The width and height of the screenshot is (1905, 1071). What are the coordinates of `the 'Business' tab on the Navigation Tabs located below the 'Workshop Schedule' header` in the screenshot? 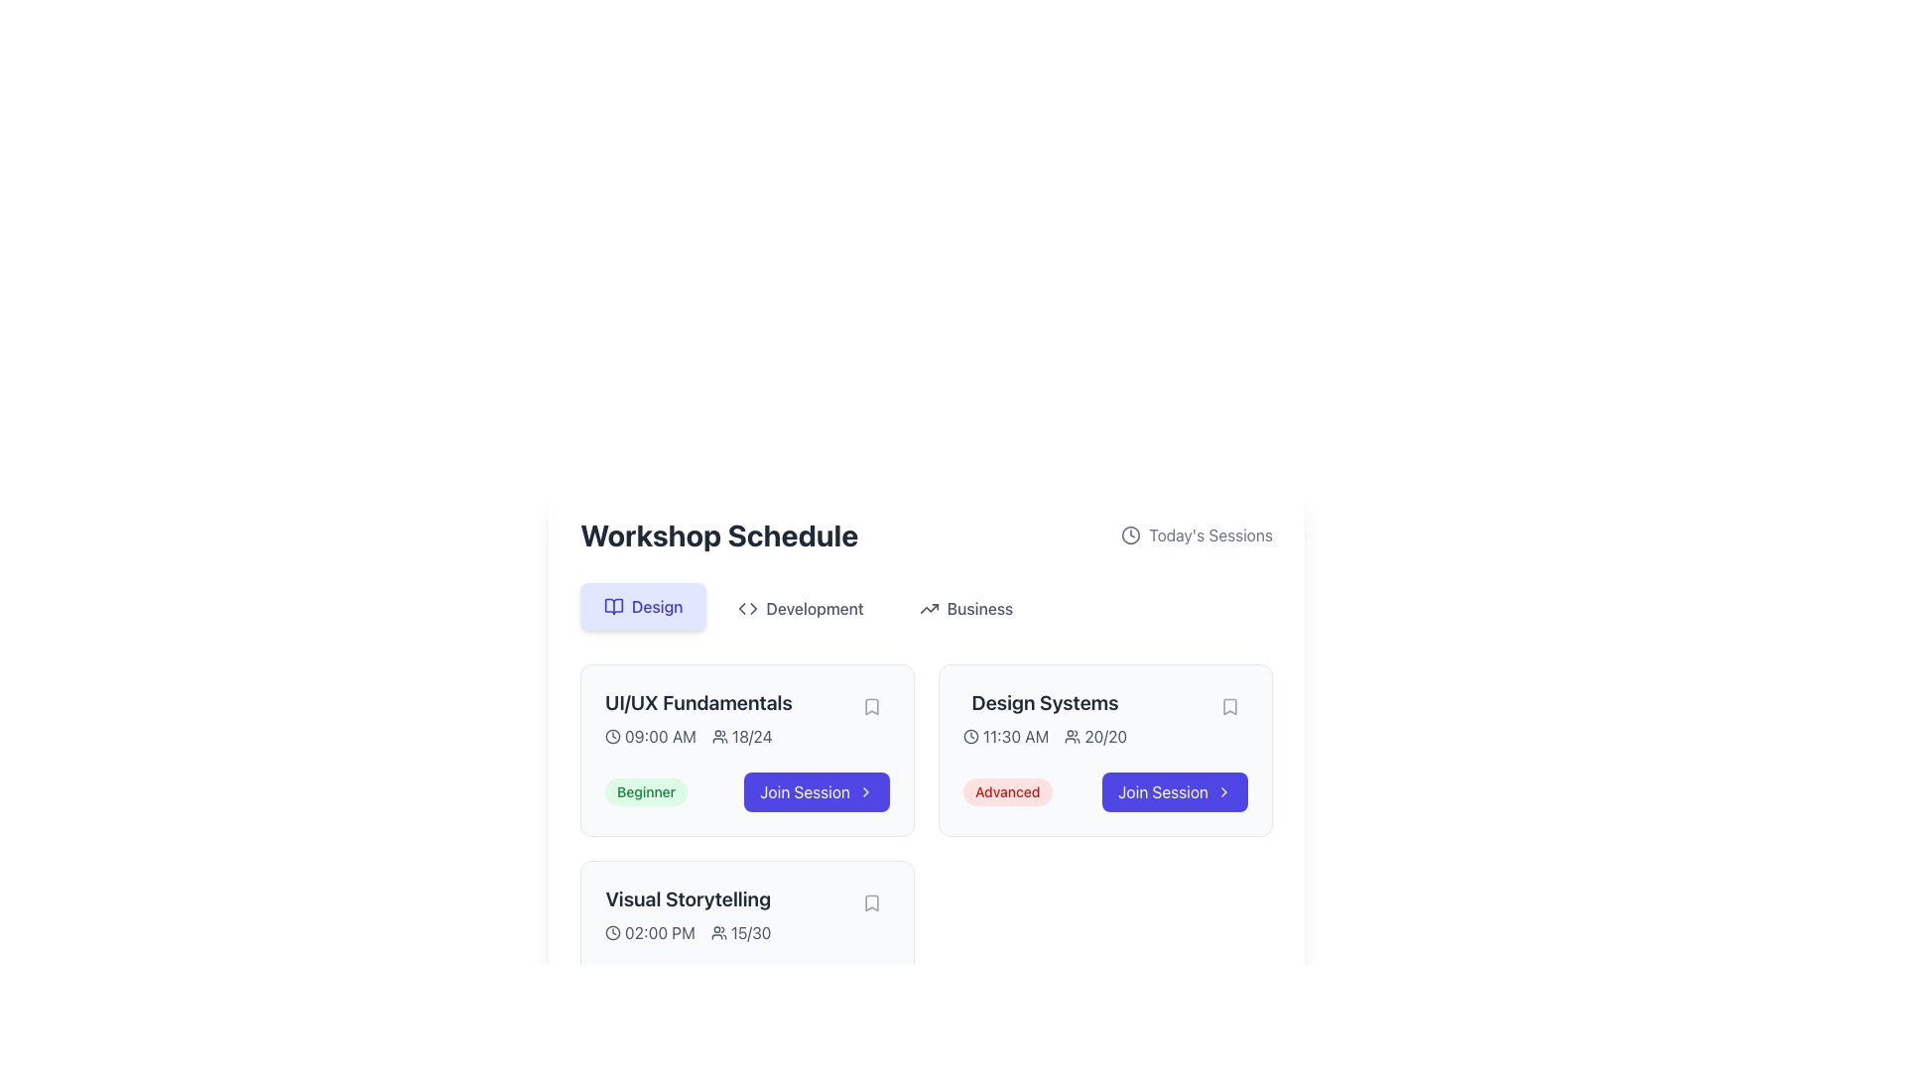 It's located at (926, 607).